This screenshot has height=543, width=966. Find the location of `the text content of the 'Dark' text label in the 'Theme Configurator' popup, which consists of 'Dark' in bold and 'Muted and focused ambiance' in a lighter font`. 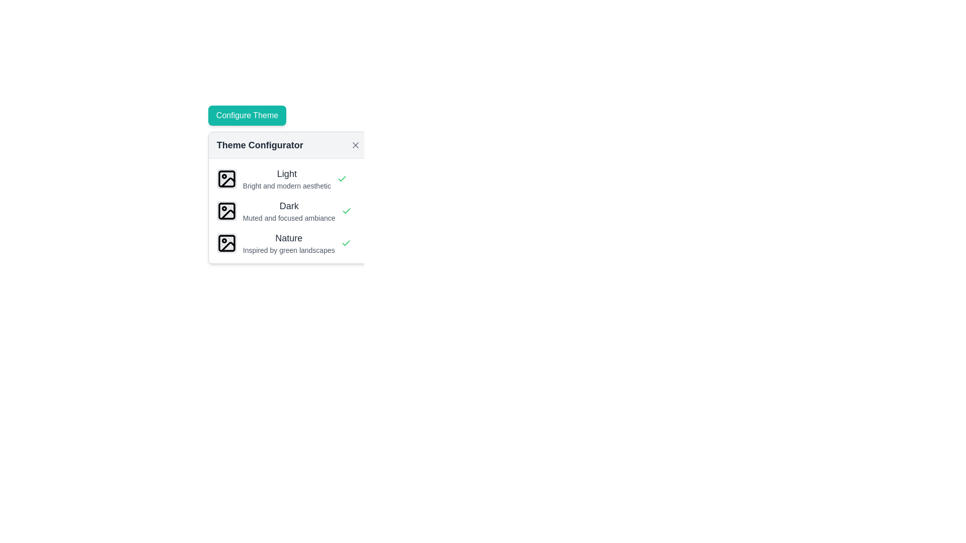

the text content of the 'Dark' text label in the 'Theme Configurator' popup, which consists of 'Dark' in bold and 'Muted and focused ambiance' in a lighter font is located at coordinates (288, 211).